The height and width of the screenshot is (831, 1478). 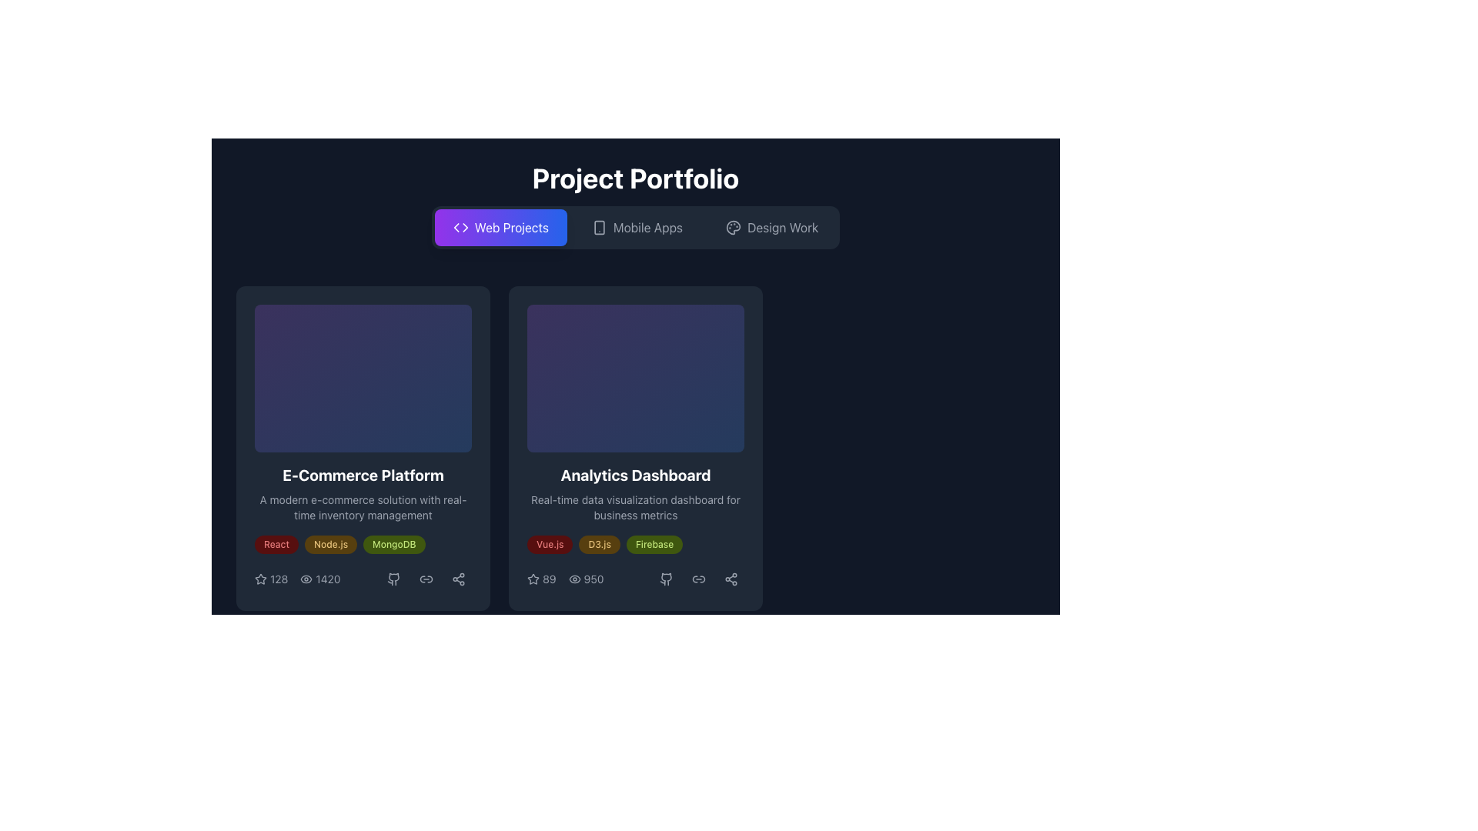 What do you see at coordinates (654, 544) in the screenshot?
I see `the 'Firebase' tag in the 'Analytics Dashboard' project, which is the third label in a horizontal group of three labels located beneath the title and description` at bounding box center [654, 544].